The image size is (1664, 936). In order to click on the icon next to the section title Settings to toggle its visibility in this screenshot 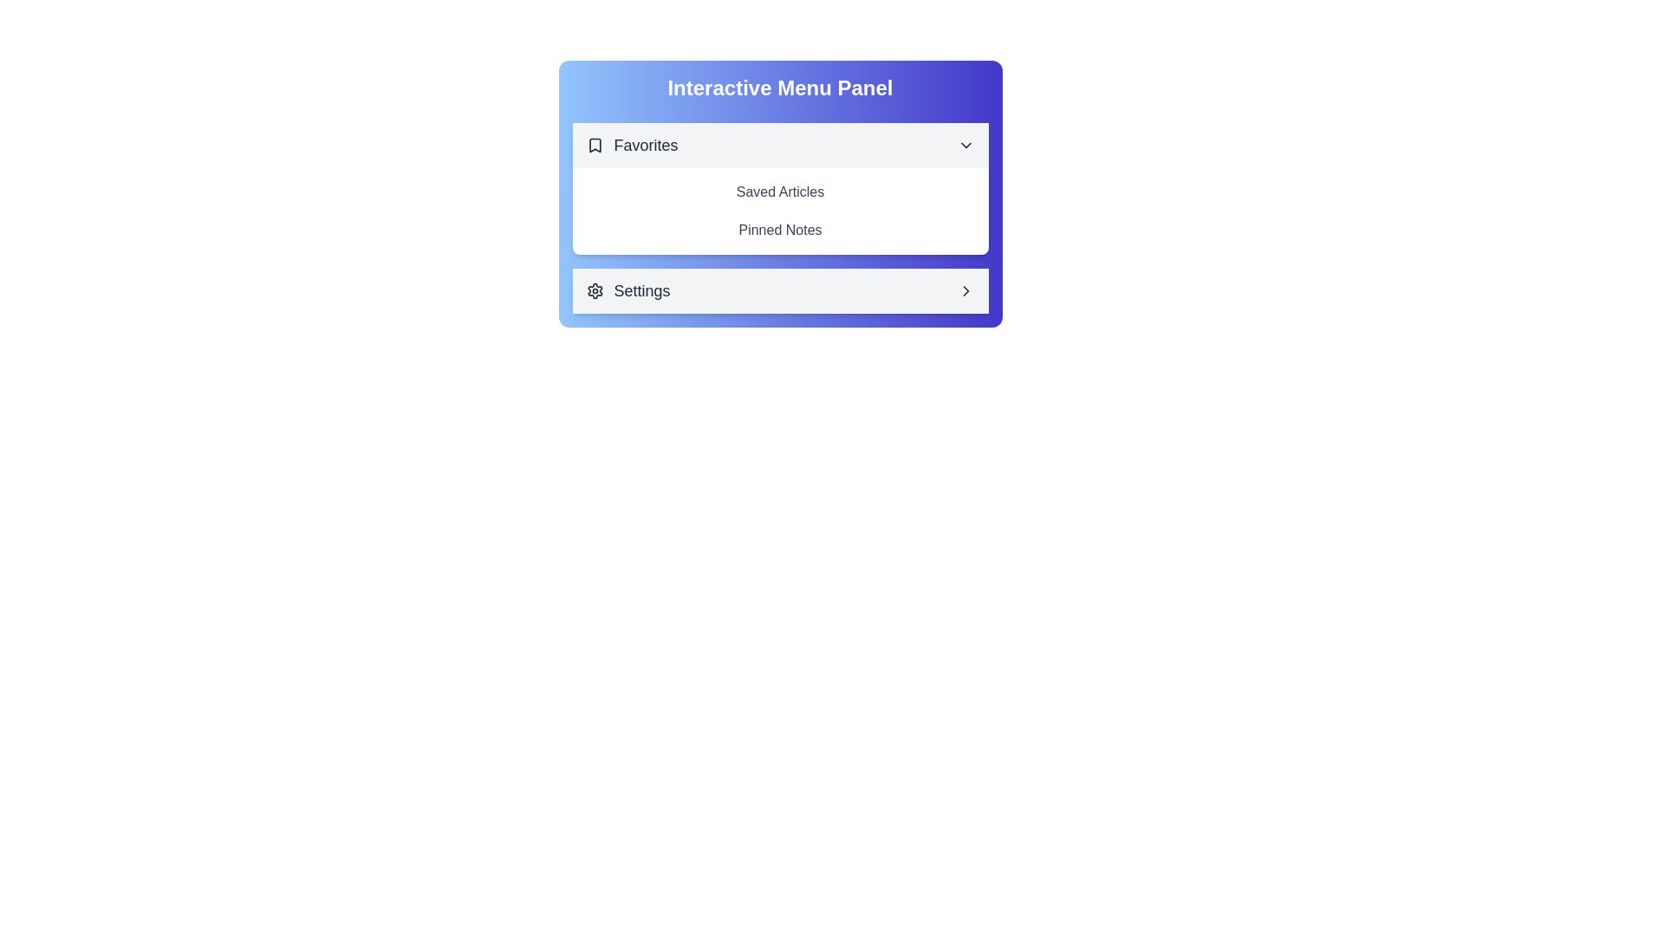, I will do `click(595, 289)`.